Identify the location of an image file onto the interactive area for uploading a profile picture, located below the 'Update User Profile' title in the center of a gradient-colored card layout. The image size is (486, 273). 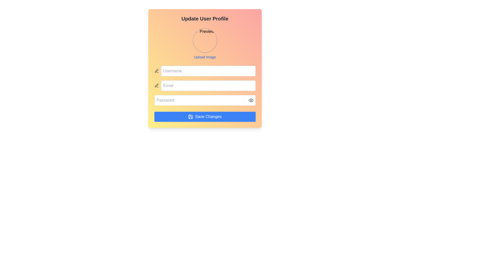
(205, 43).